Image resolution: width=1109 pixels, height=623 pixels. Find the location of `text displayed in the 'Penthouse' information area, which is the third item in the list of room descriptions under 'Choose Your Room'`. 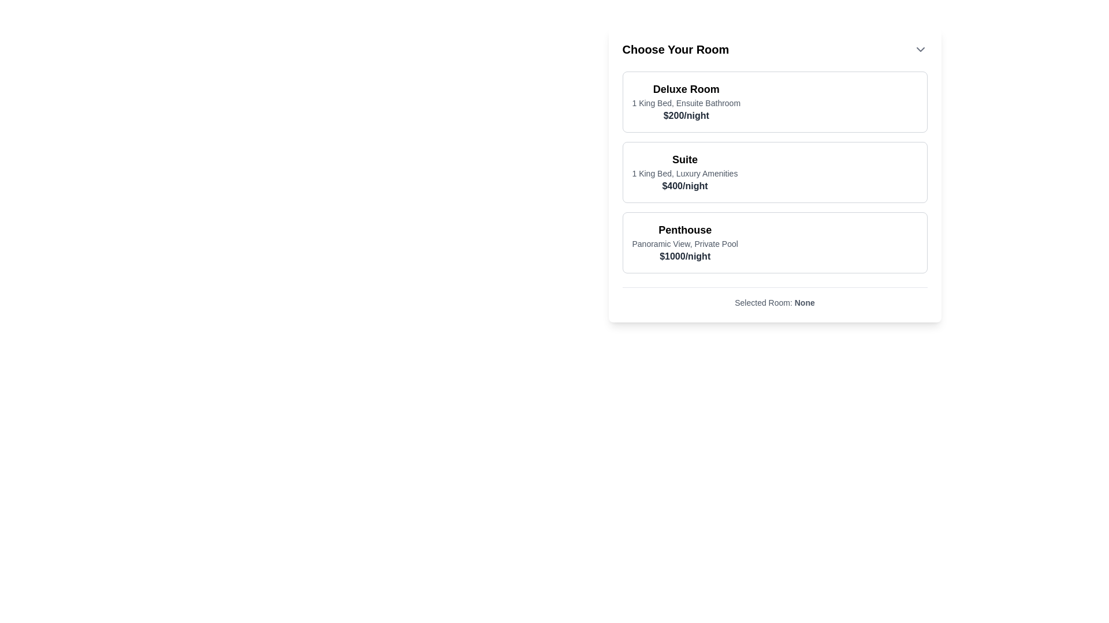

text displayed in the 'Penthouse' information area, which is the third item in the list of room descriptions under 'Choose Your Room' is located at coordinates (685, 242).